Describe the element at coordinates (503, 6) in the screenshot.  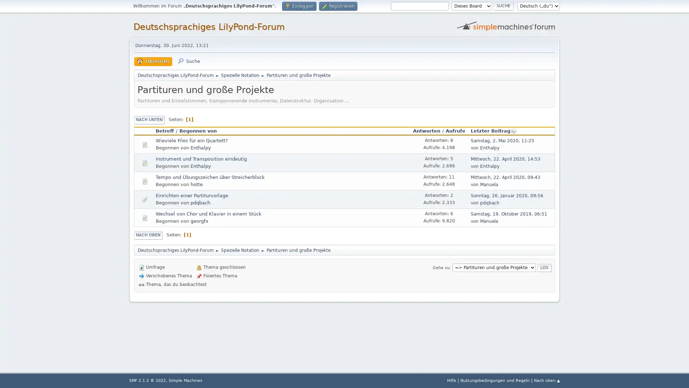
I see `Suche` at that location.